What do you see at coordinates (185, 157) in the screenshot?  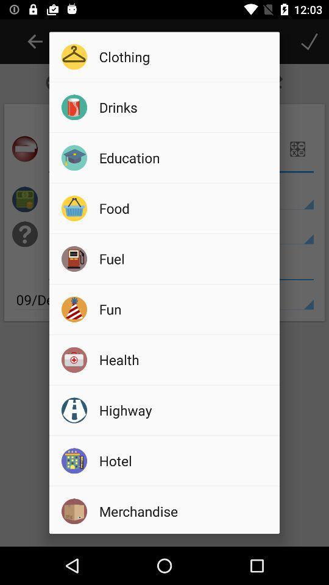 I see `the icon above the food icon` at bounding box center [185, 157].